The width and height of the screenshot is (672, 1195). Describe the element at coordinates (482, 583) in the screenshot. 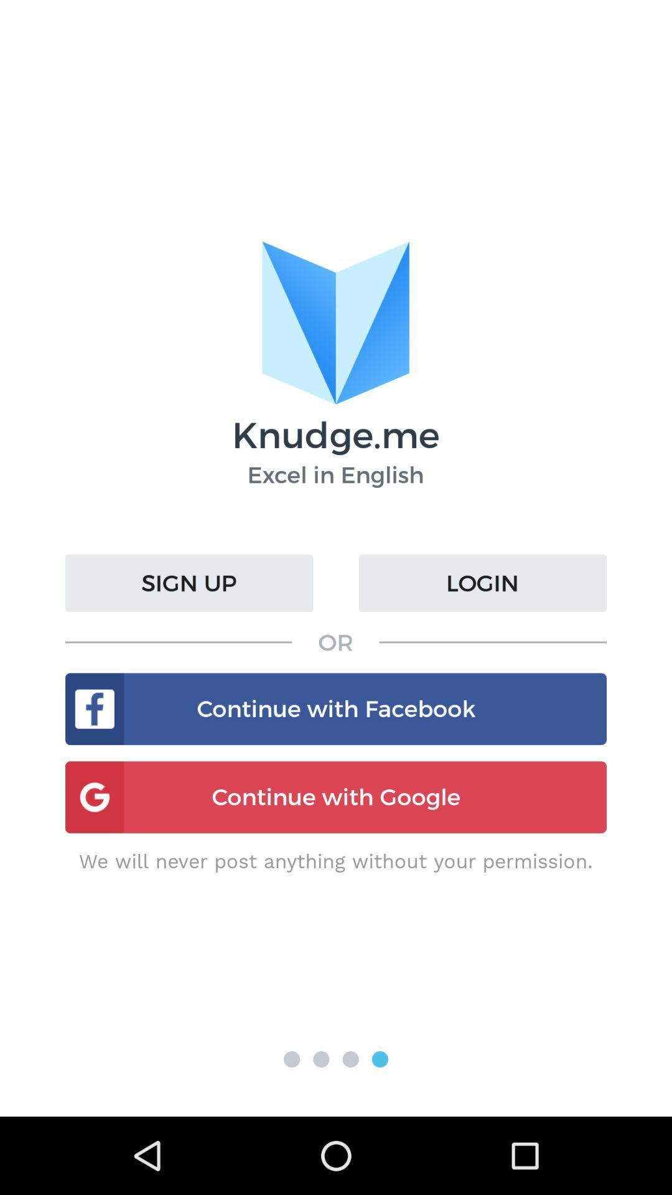

I see `the icon above or icon` at that location.